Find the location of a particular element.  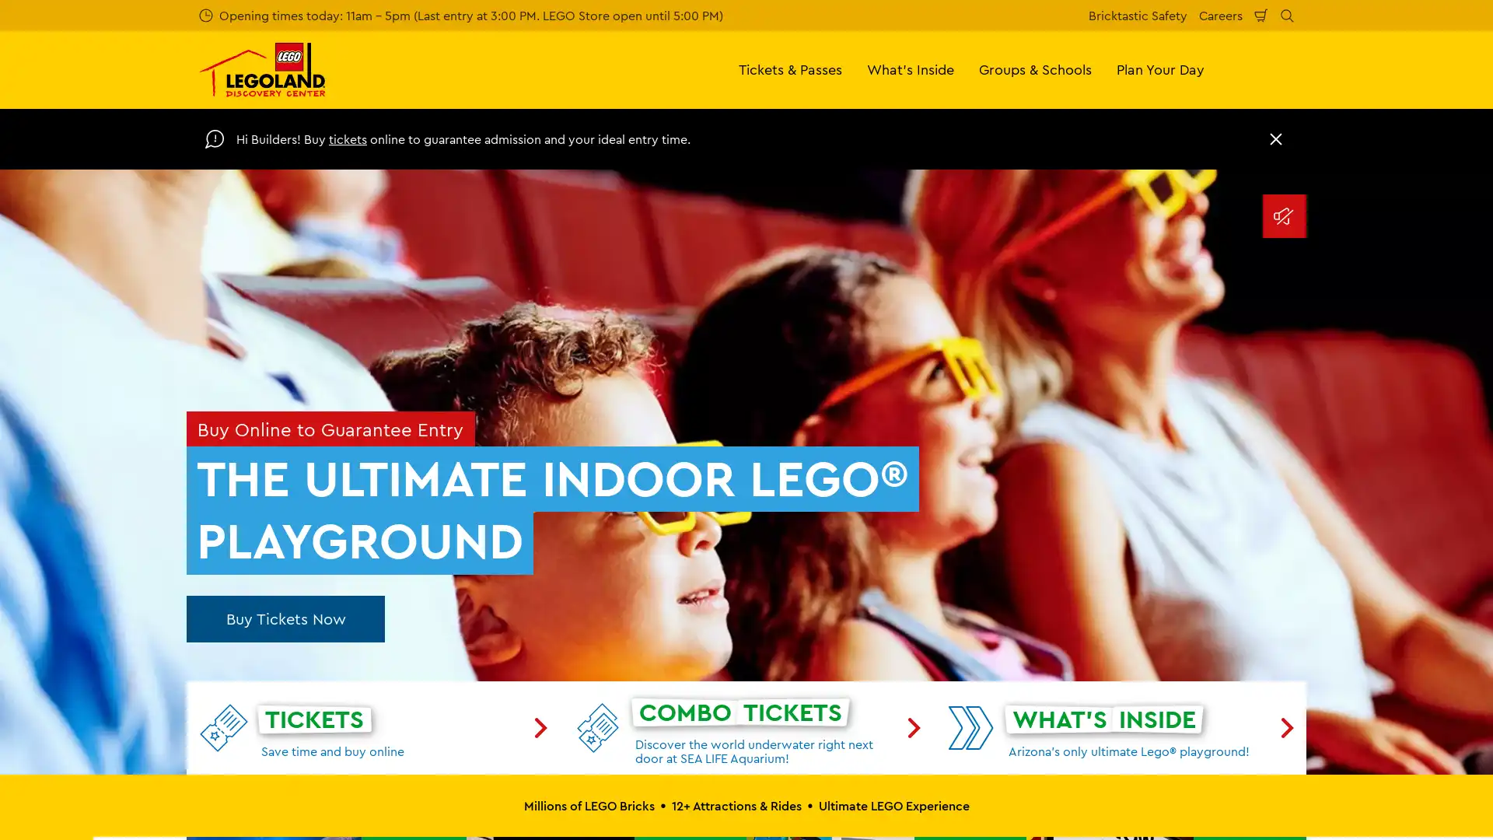

Close is located at coordinates (1276, 138).